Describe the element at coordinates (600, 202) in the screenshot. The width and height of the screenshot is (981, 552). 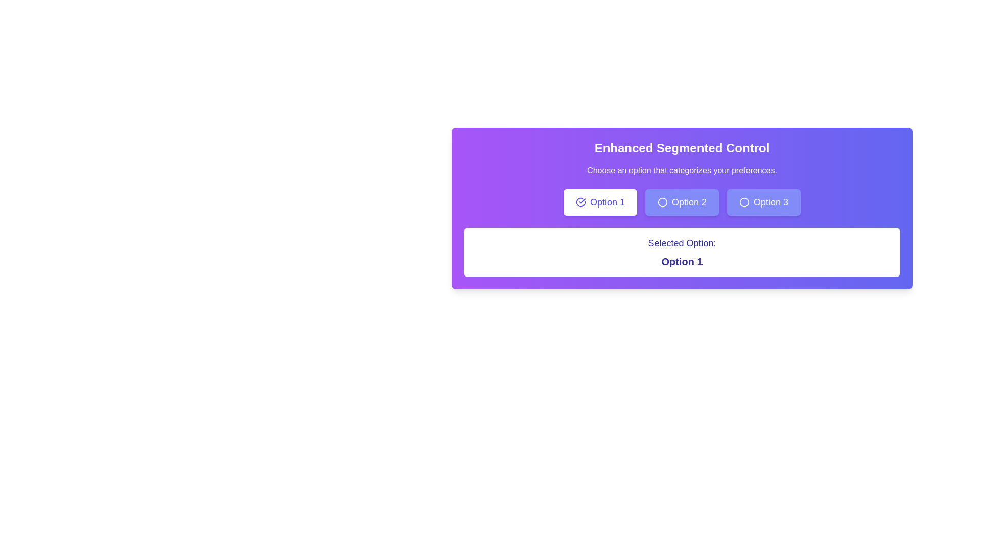
I see `the 'Option 1' button, which is a rectangular button with a light background and indigo text, located near the top-center of the purple section labeled 'Enhanced Segmented Control'` at that location.